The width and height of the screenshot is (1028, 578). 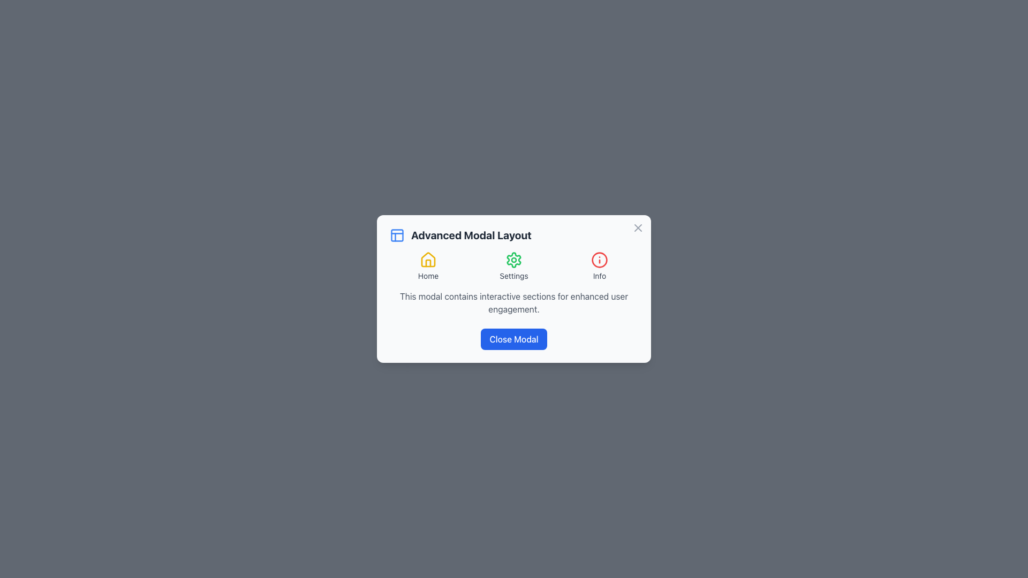 What do you see at coordinates (514, 289) in the screenshot?
I see `the sections 'Home', 'Settings', or 'Info' in the modal window that appears centrally in the viewport` at bounding box center [514, 289].